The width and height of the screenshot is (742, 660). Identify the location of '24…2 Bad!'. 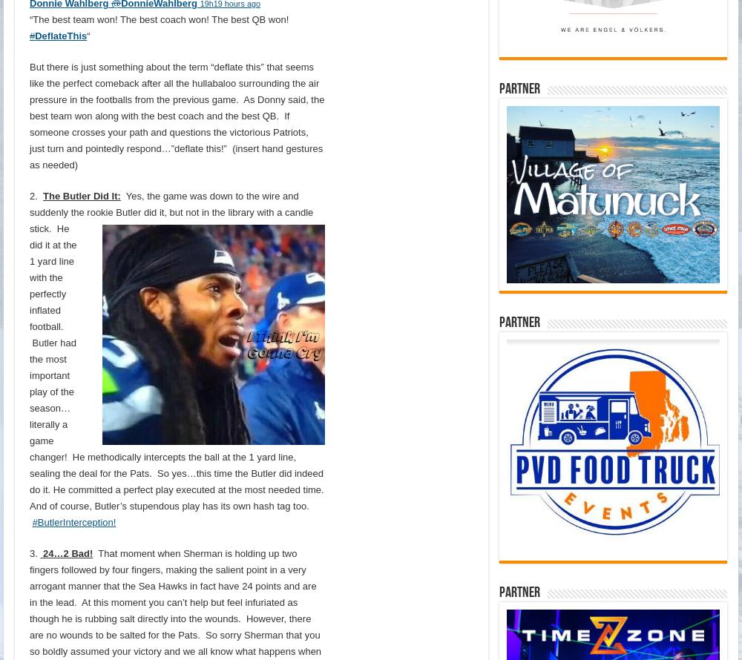
(65, 552).